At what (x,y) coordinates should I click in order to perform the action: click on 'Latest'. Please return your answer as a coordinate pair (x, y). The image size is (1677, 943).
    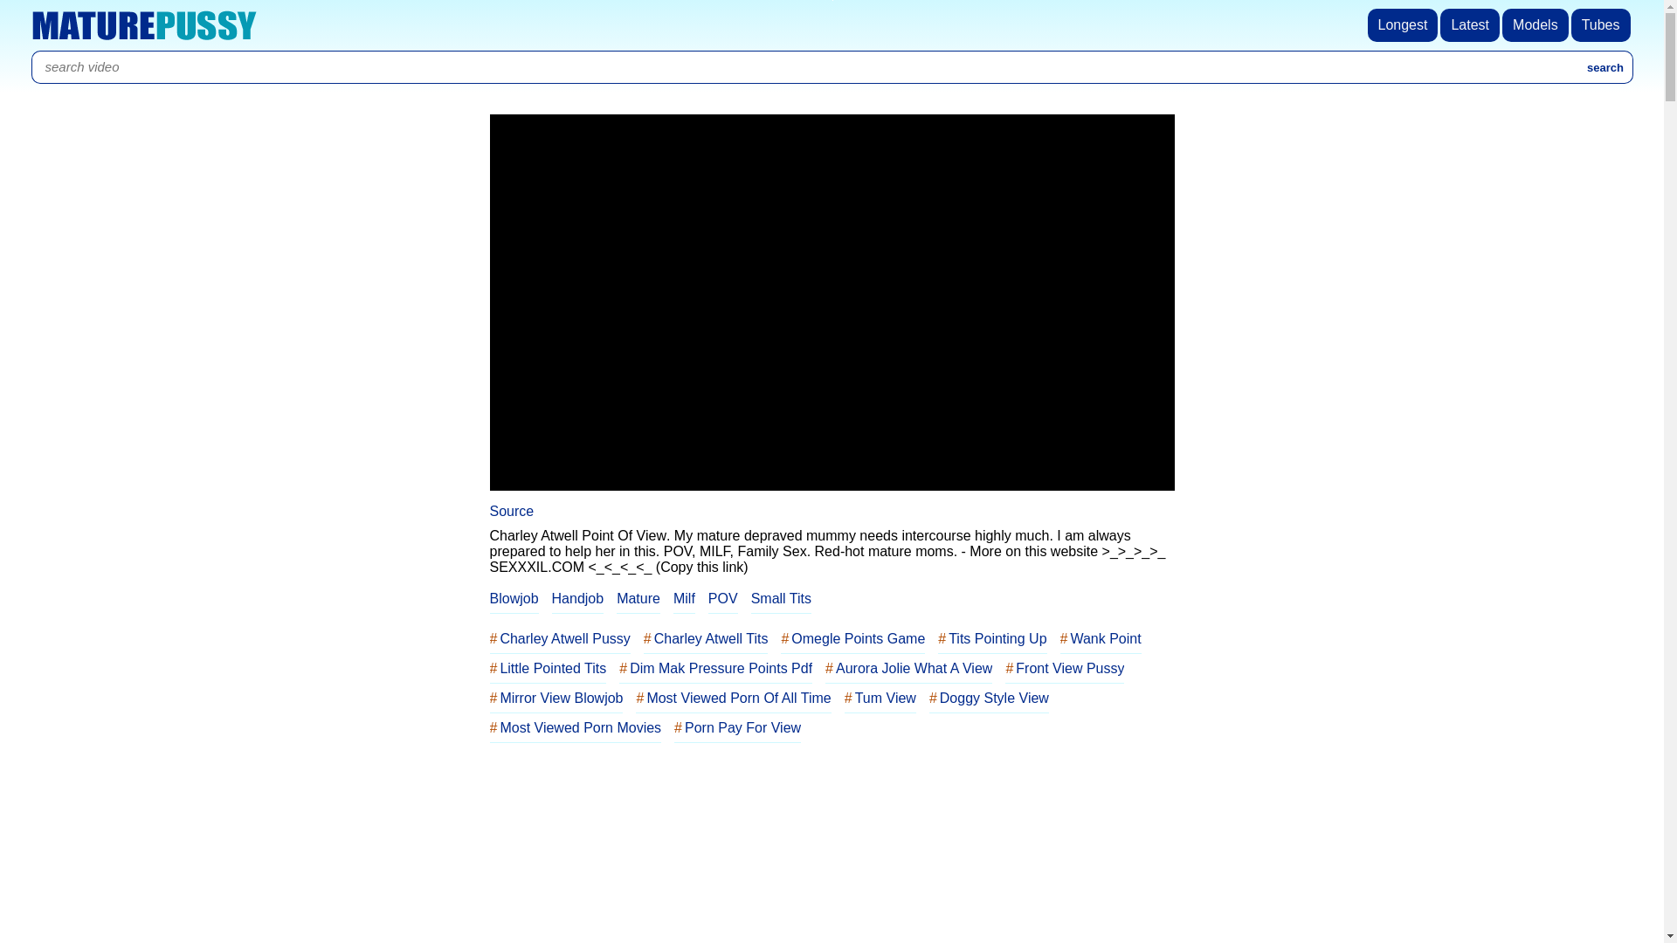
    Looking at the image, I should click on (1440, 25).